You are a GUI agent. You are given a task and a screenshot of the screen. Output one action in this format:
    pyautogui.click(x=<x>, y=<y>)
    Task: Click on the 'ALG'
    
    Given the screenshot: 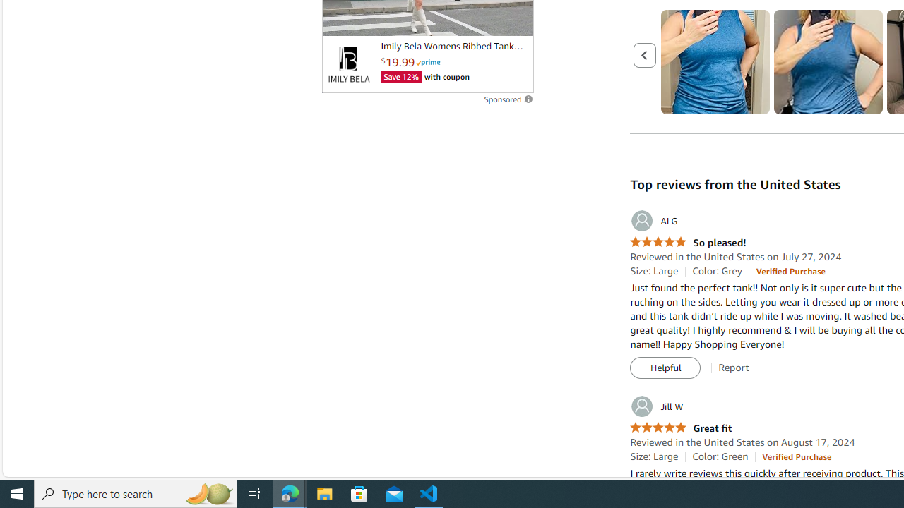 What is the action you would take?
    pyautogui.click(x=653, y=221)
    